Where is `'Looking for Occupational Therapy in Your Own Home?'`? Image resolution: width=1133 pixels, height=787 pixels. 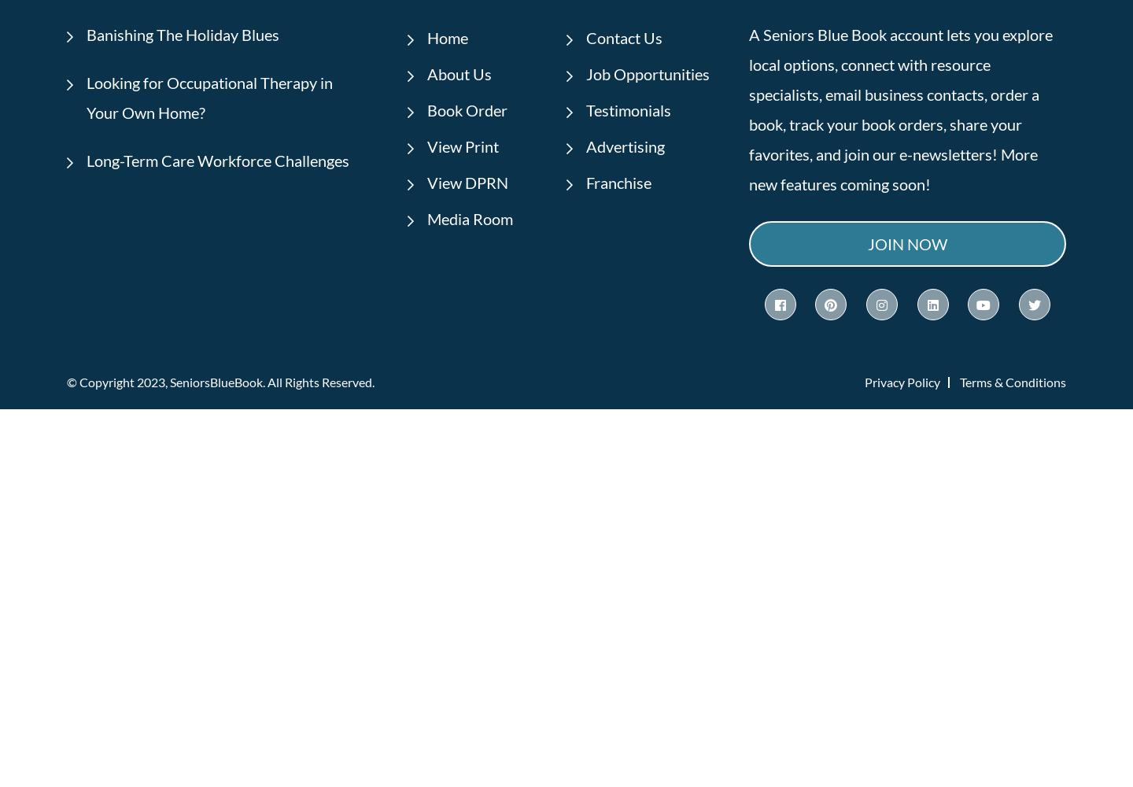 'Looking for Occupational Therapy in Your Own Home?' is located at coordinates (209, 96).